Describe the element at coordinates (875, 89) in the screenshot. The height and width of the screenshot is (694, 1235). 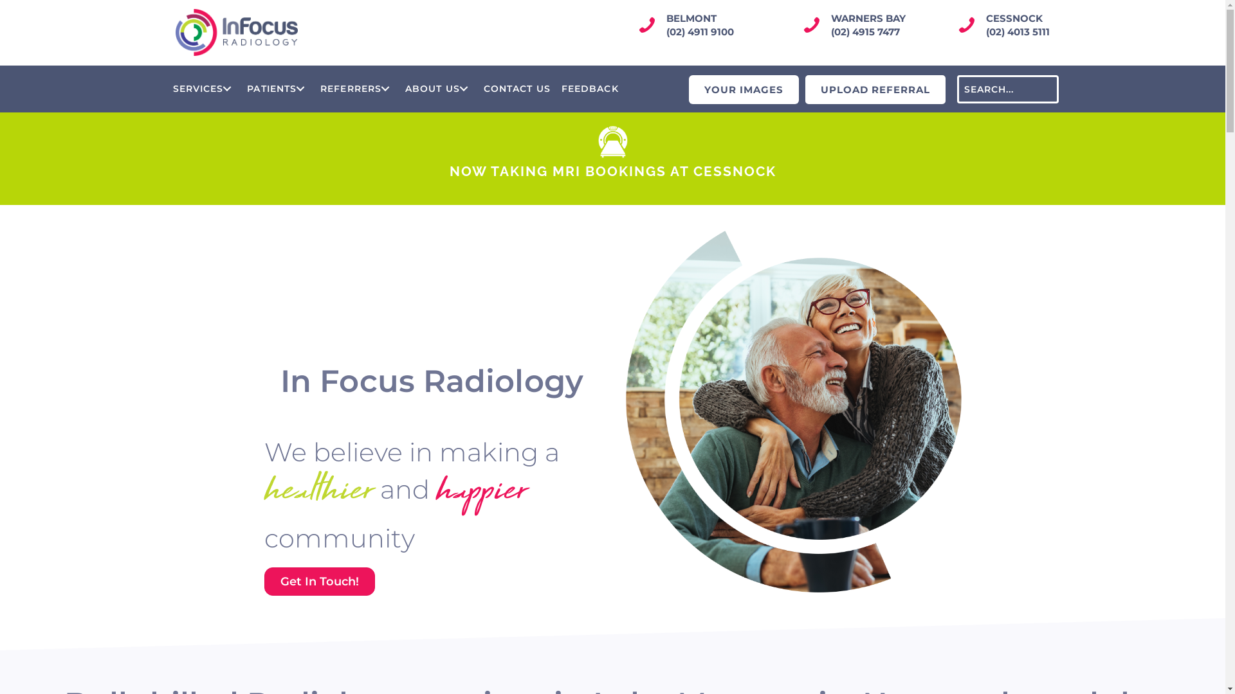
I see `'UPLOAD REFERRAL'` at that location.